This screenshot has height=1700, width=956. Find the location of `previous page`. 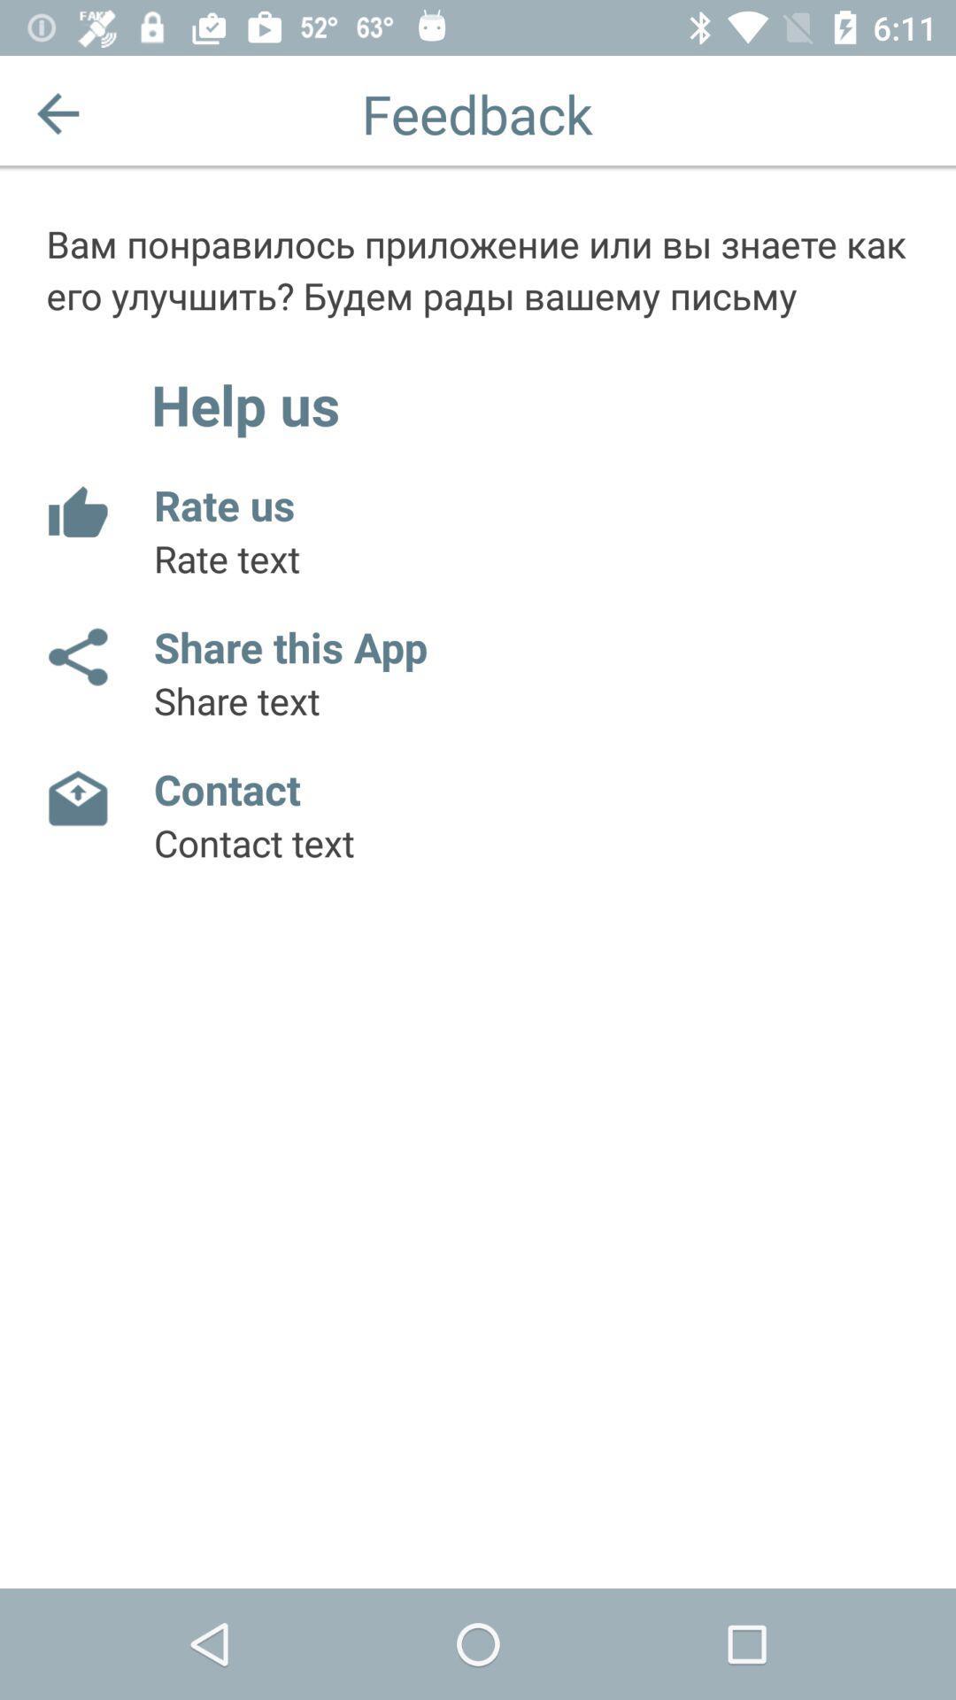

previous page is located at coordinates (57, 112).